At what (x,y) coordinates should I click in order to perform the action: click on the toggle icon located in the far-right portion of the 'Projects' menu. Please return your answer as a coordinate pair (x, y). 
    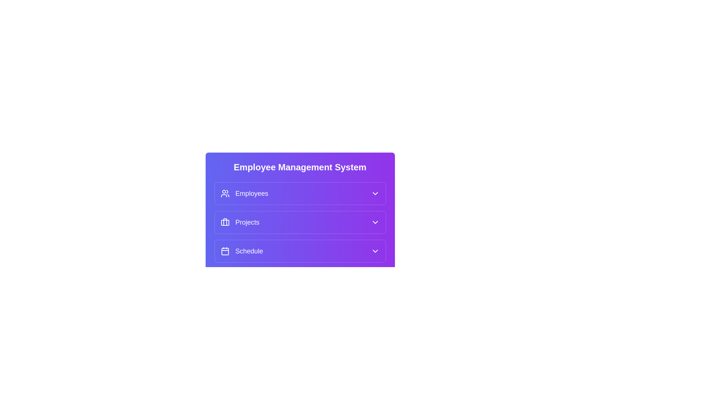
    Looking at the image, I should click on (375, 222).